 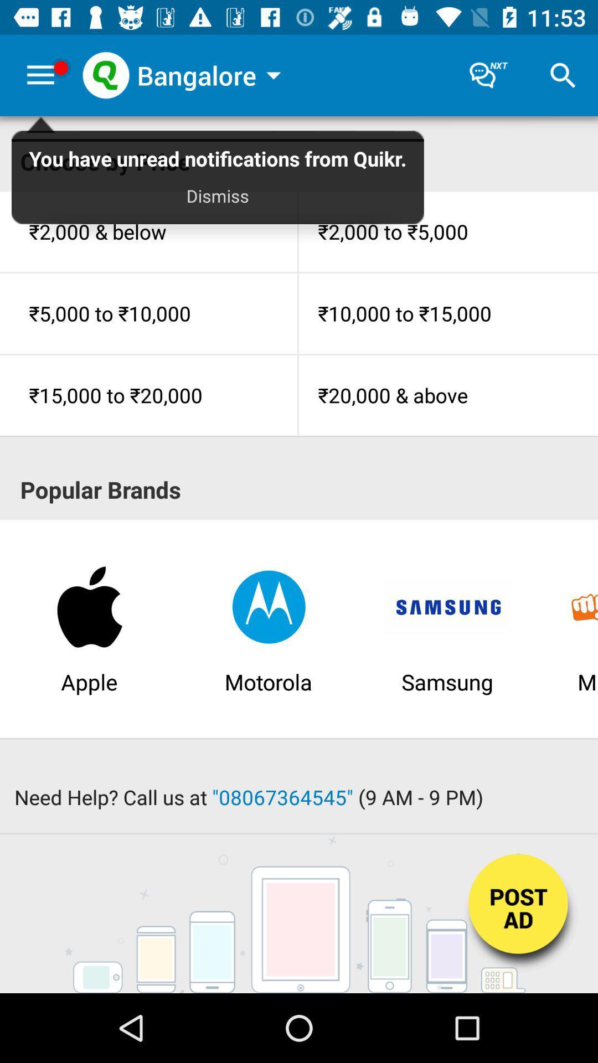 What do you see at coordinates (218, 182) in the screenshot?
I see `black notification box which has dismiss option` at bounding box center [218, 182].